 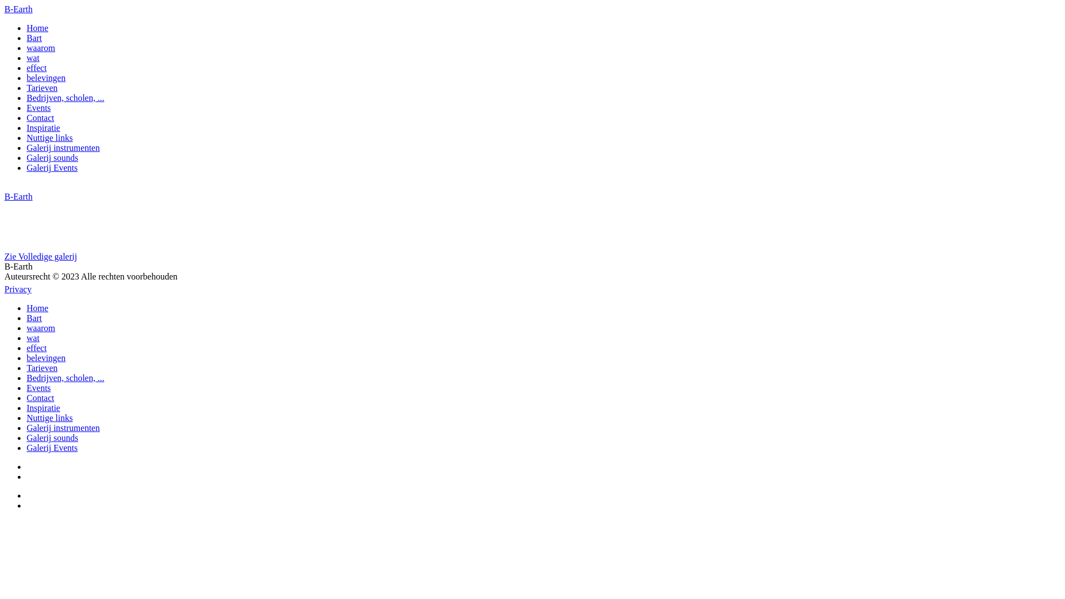 I want to click on 'Tarieven', so click(x=27, y=87).